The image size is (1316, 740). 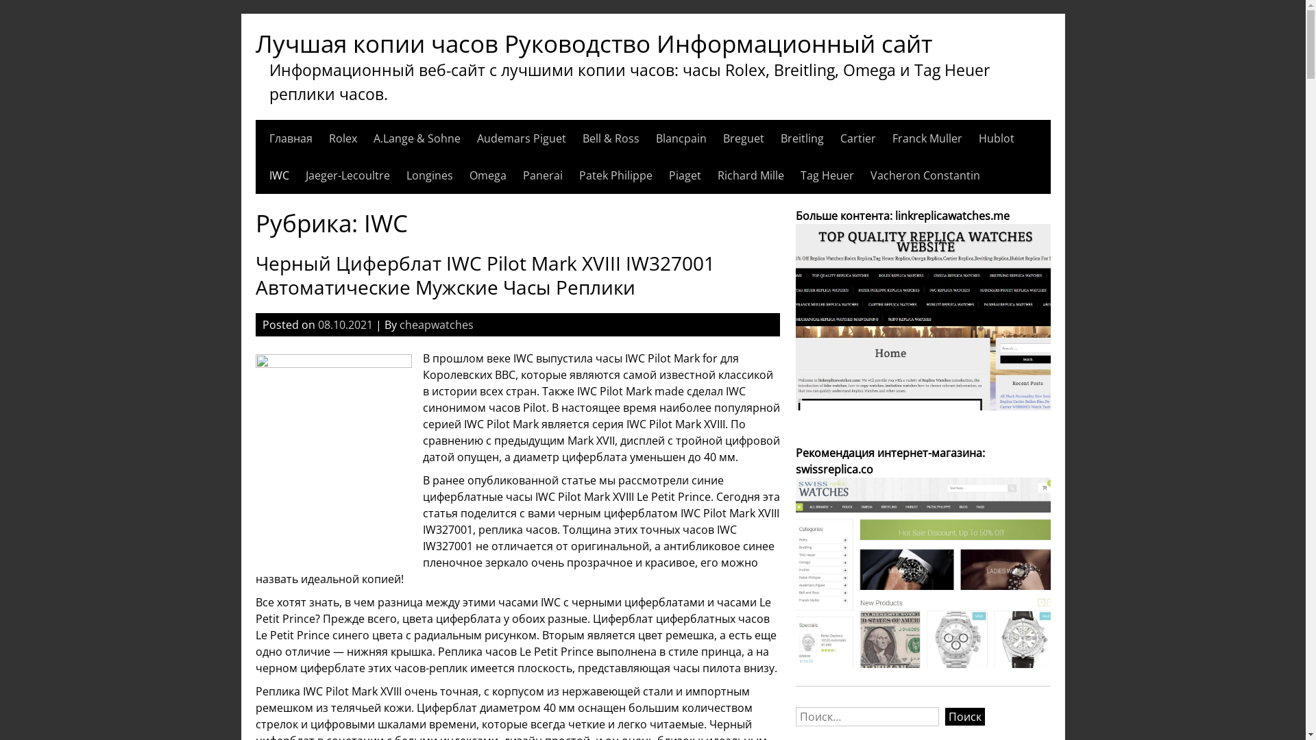 I want to click on 'Rolex', so click(x=343, y=138).